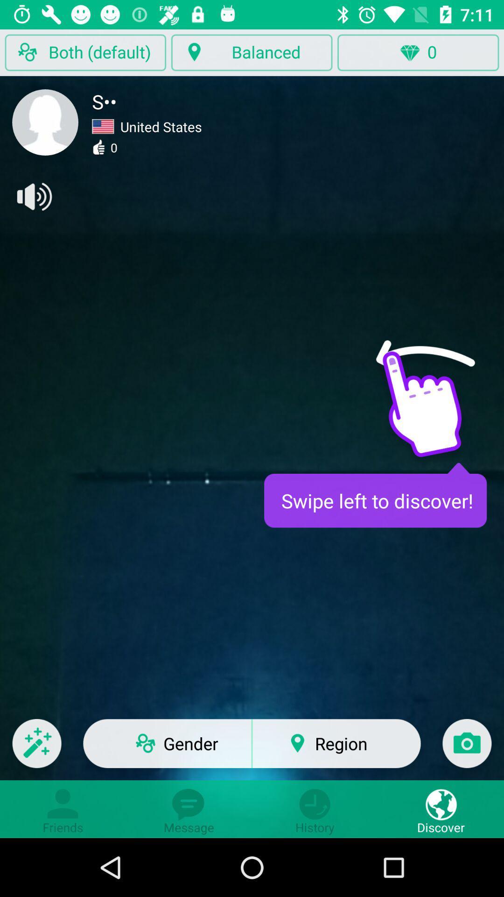 This screenshot has width=504, height=897. Describe the element at coordinates (45, 122) in the screenshot. I see `the avatar icon` at that location.